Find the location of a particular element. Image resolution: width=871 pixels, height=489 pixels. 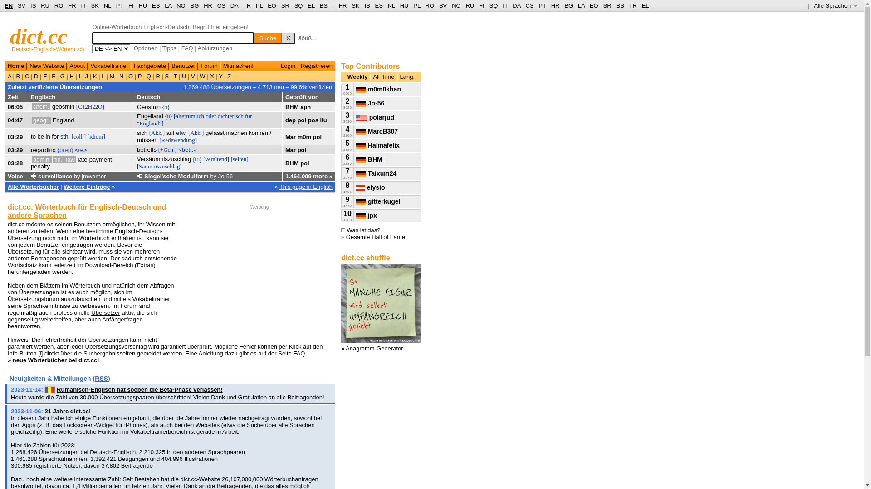

'Taixum24' is located at coordinates (356, 173).